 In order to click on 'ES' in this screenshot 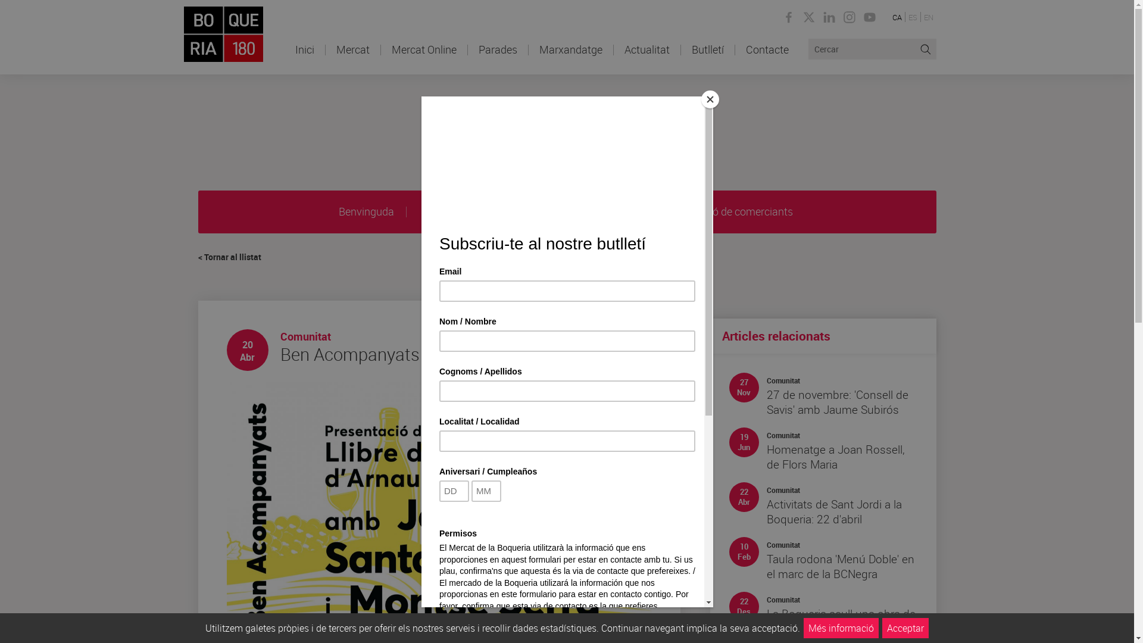, I will do `click(905, 17)`.